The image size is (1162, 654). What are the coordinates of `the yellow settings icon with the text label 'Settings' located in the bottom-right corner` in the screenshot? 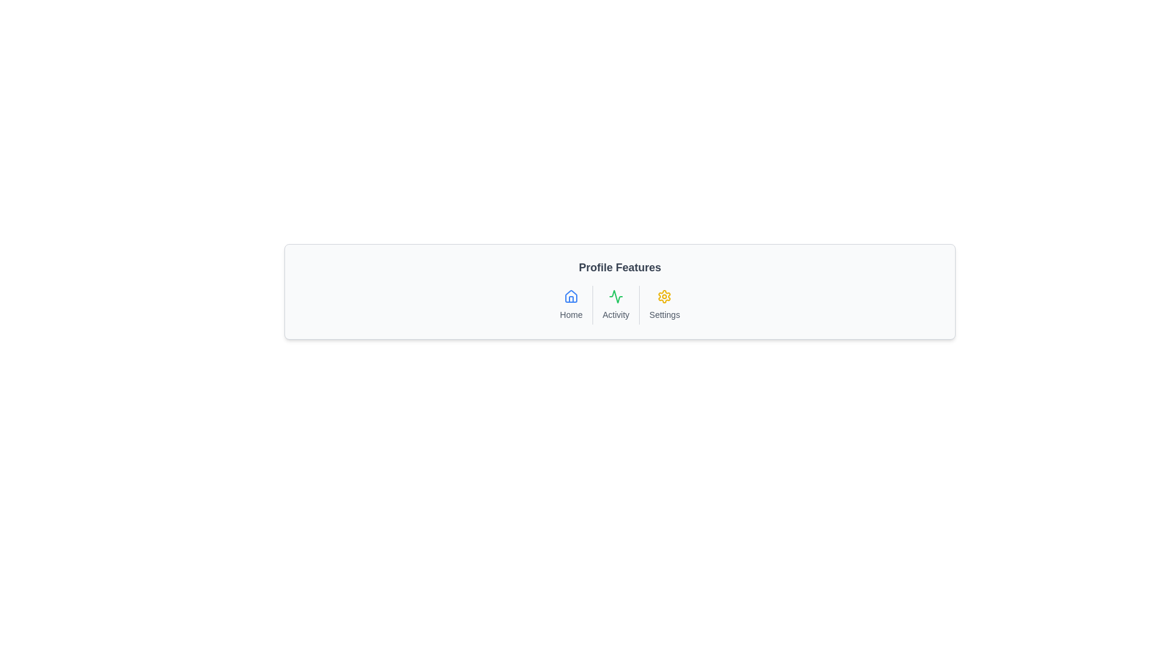 It's located at (664, 305).